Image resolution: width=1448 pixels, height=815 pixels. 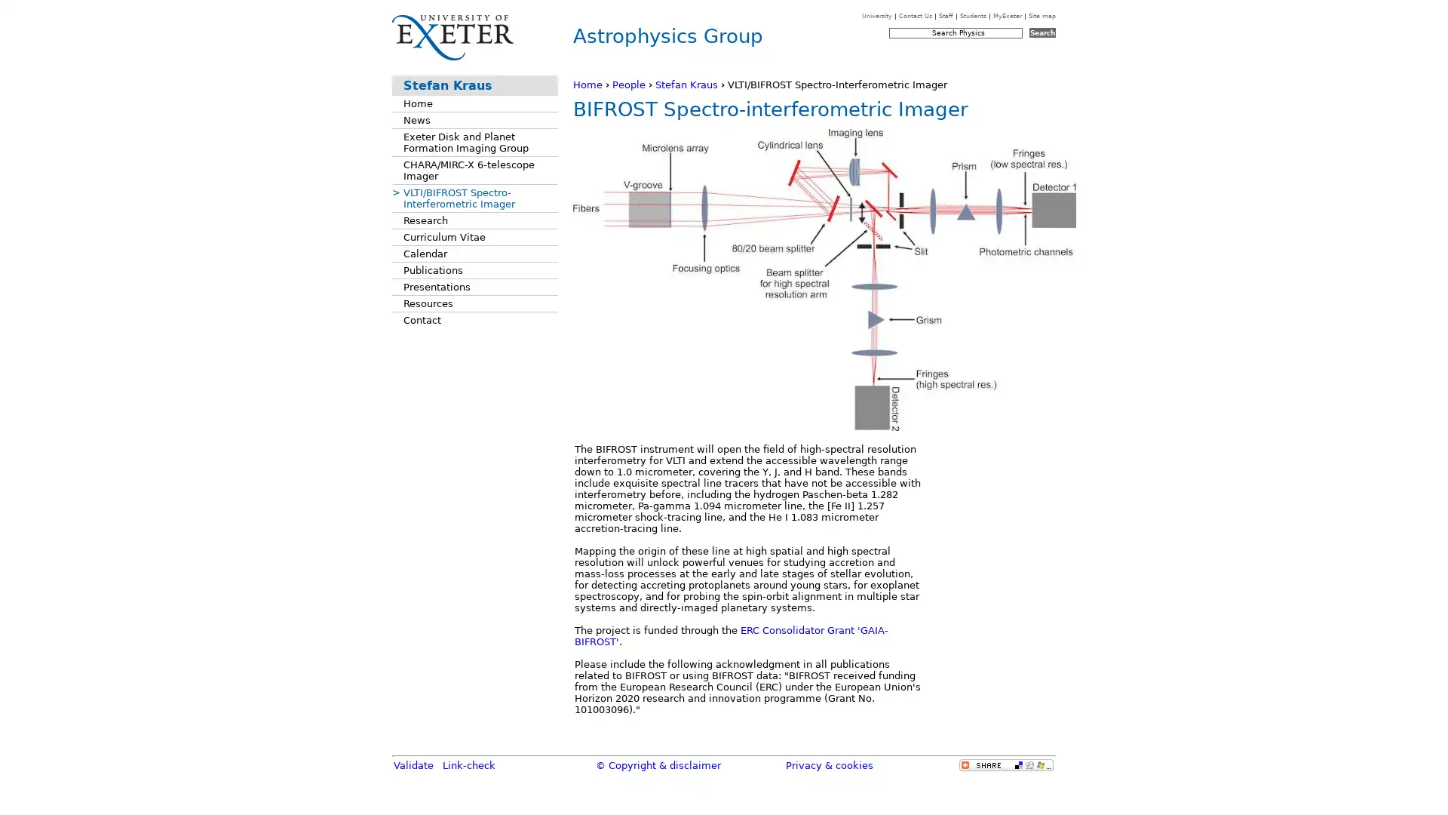 What do you see at coordinates (1042, 32) in the screenshot?
I see `Search` at bounding box center [1042, 32].